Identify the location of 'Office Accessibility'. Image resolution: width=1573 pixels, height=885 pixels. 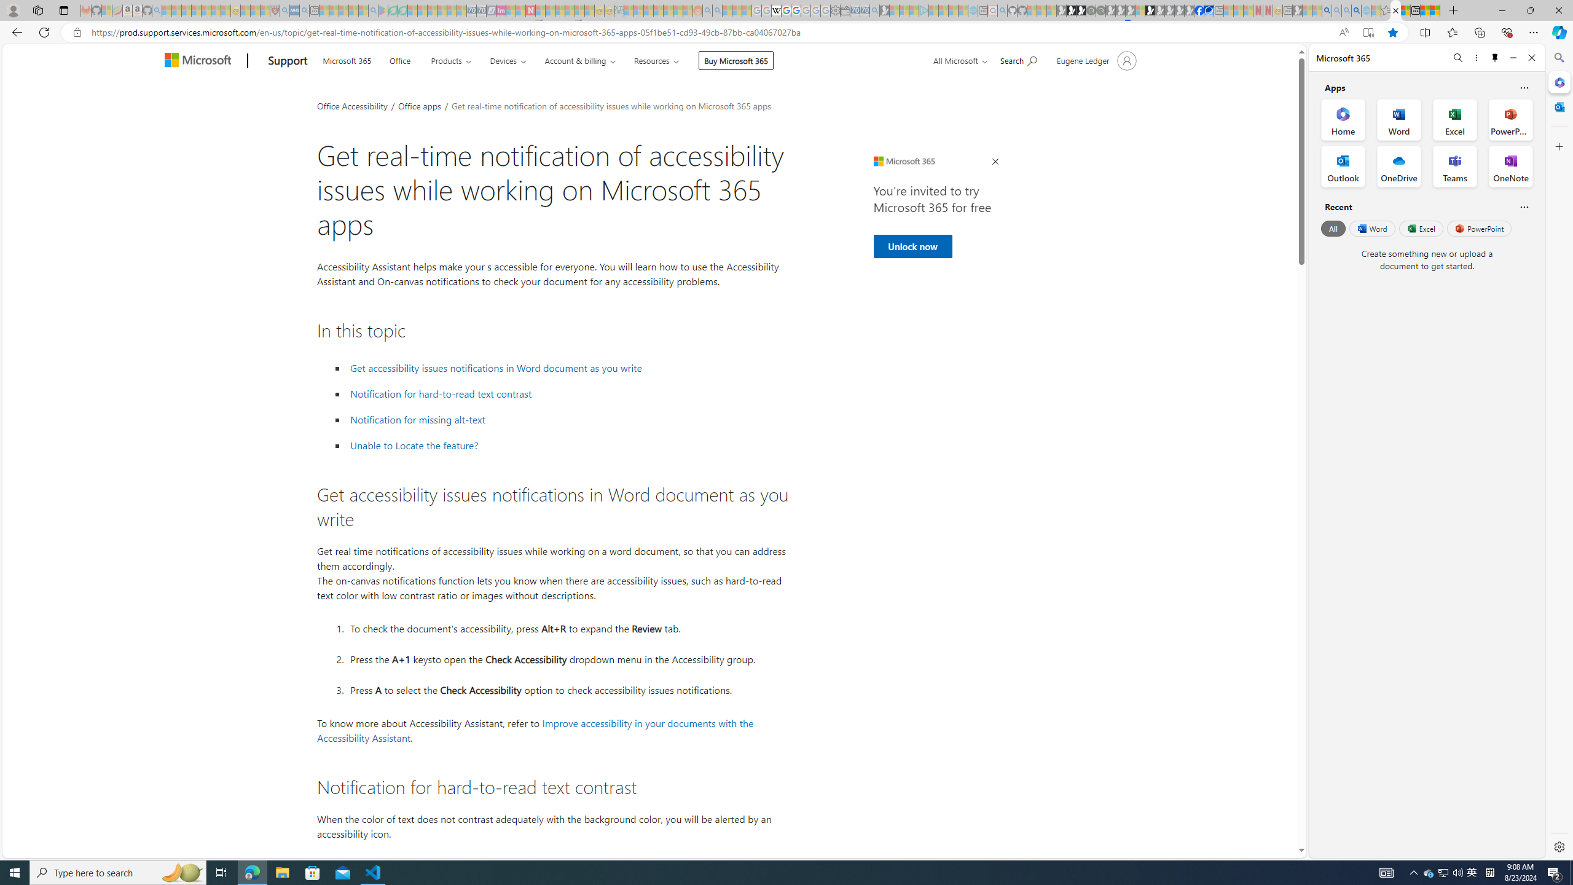
(351, 105).